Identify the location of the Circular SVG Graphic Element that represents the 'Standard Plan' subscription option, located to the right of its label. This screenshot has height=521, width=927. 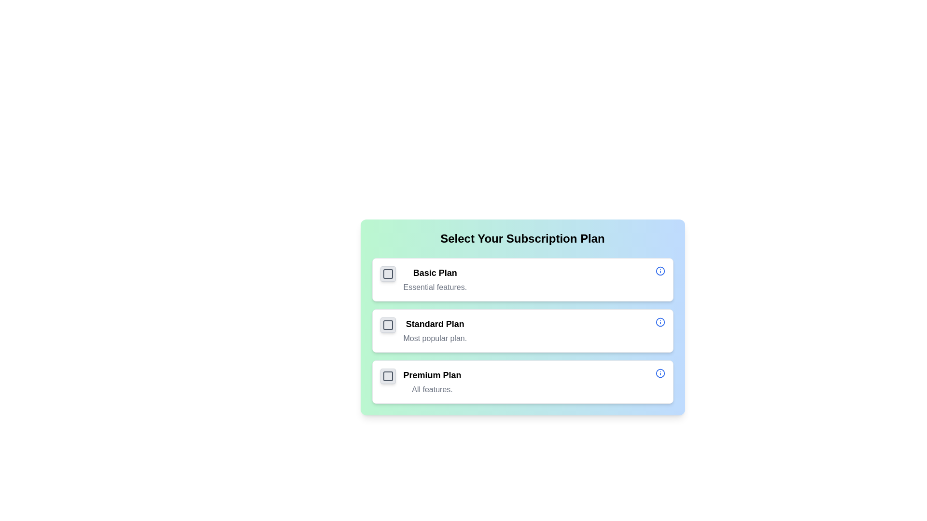
(660, 322).